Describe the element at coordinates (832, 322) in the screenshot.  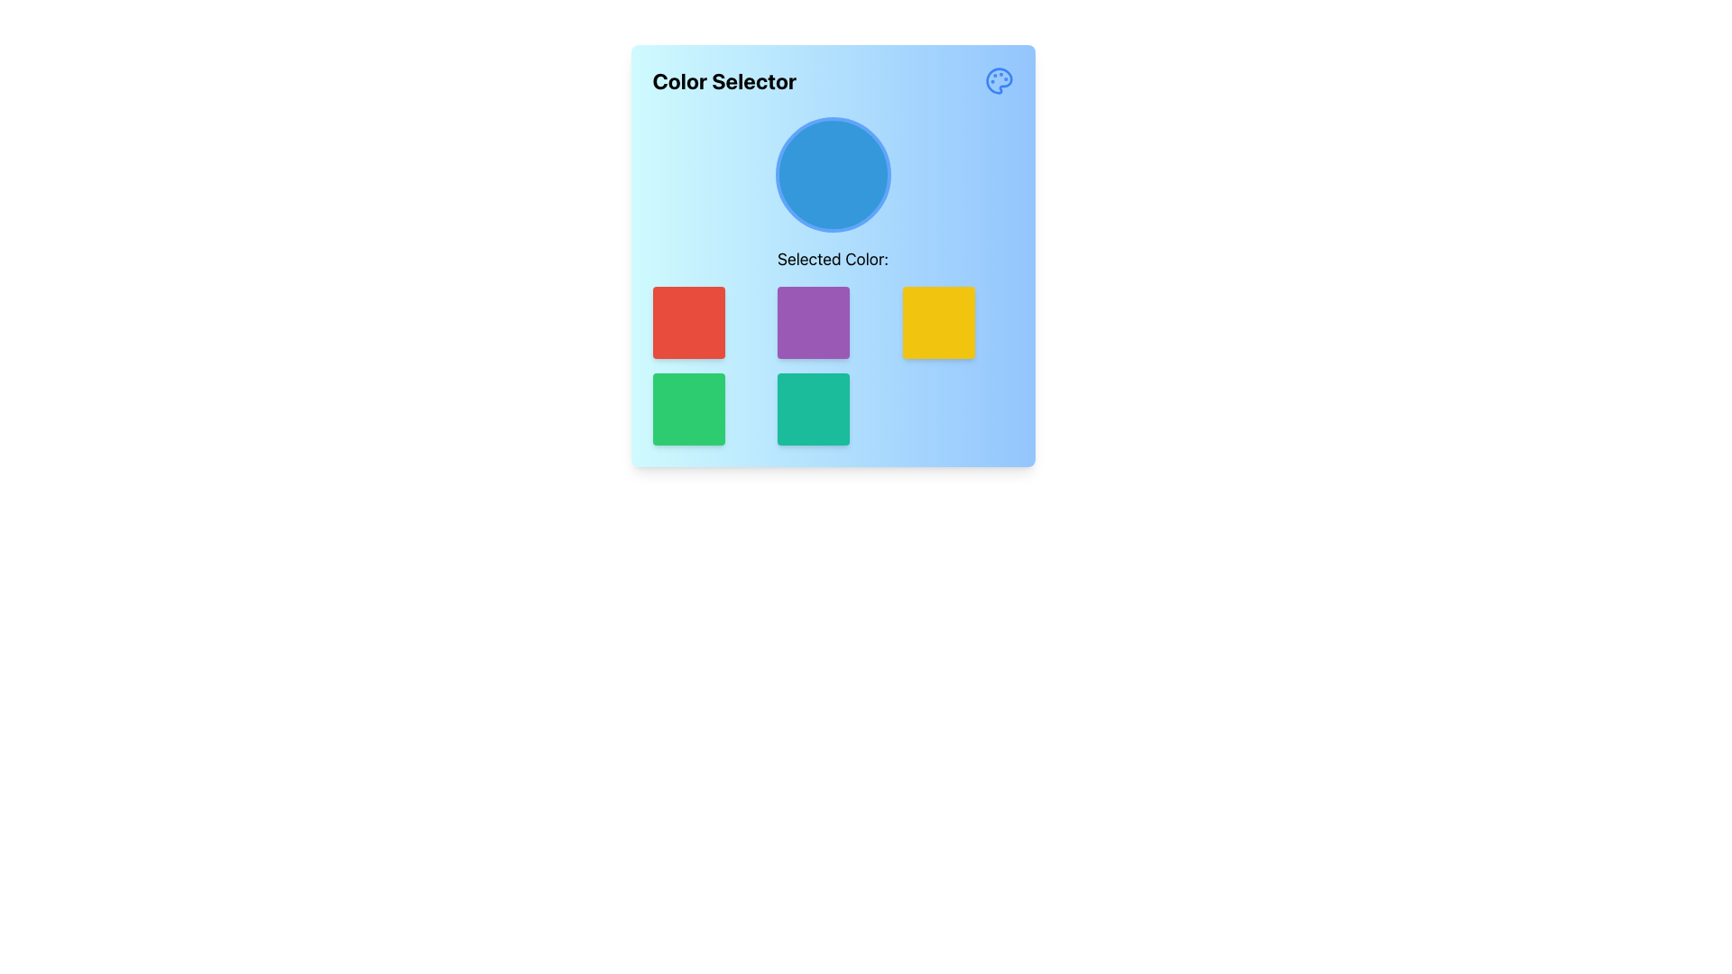
I see `the purple square button located in the central column of the grid to scale it` at that location.